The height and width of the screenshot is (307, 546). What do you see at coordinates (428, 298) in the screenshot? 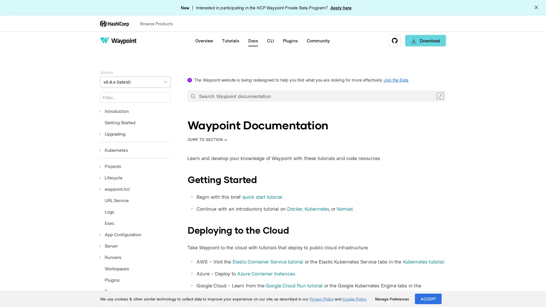
I see `ACCEPT` at bounding box center [428, 298].